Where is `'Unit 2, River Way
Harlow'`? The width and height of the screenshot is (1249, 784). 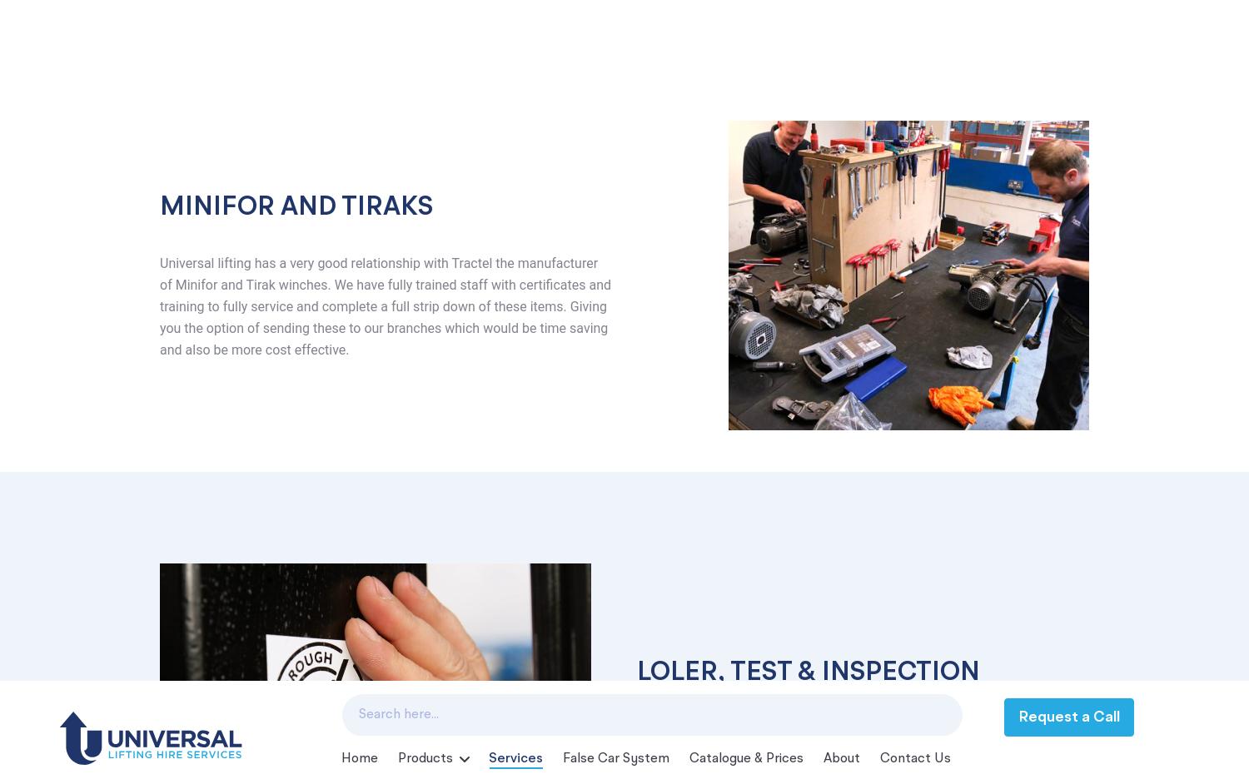 'Unit 2, River Way
Harlow' is located at coordinates (262, 522).